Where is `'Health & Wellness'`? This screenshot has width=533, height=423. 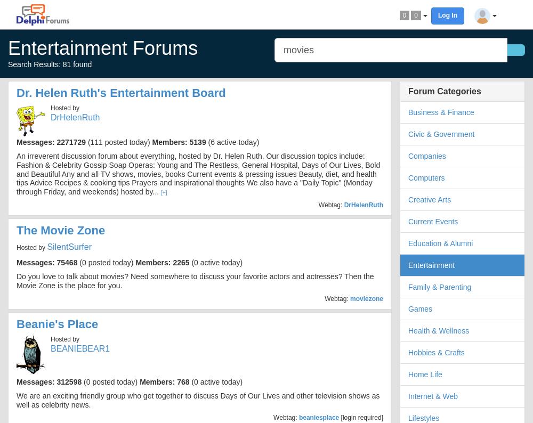 'Health & Wellness' is located at coordinates (438, 330).